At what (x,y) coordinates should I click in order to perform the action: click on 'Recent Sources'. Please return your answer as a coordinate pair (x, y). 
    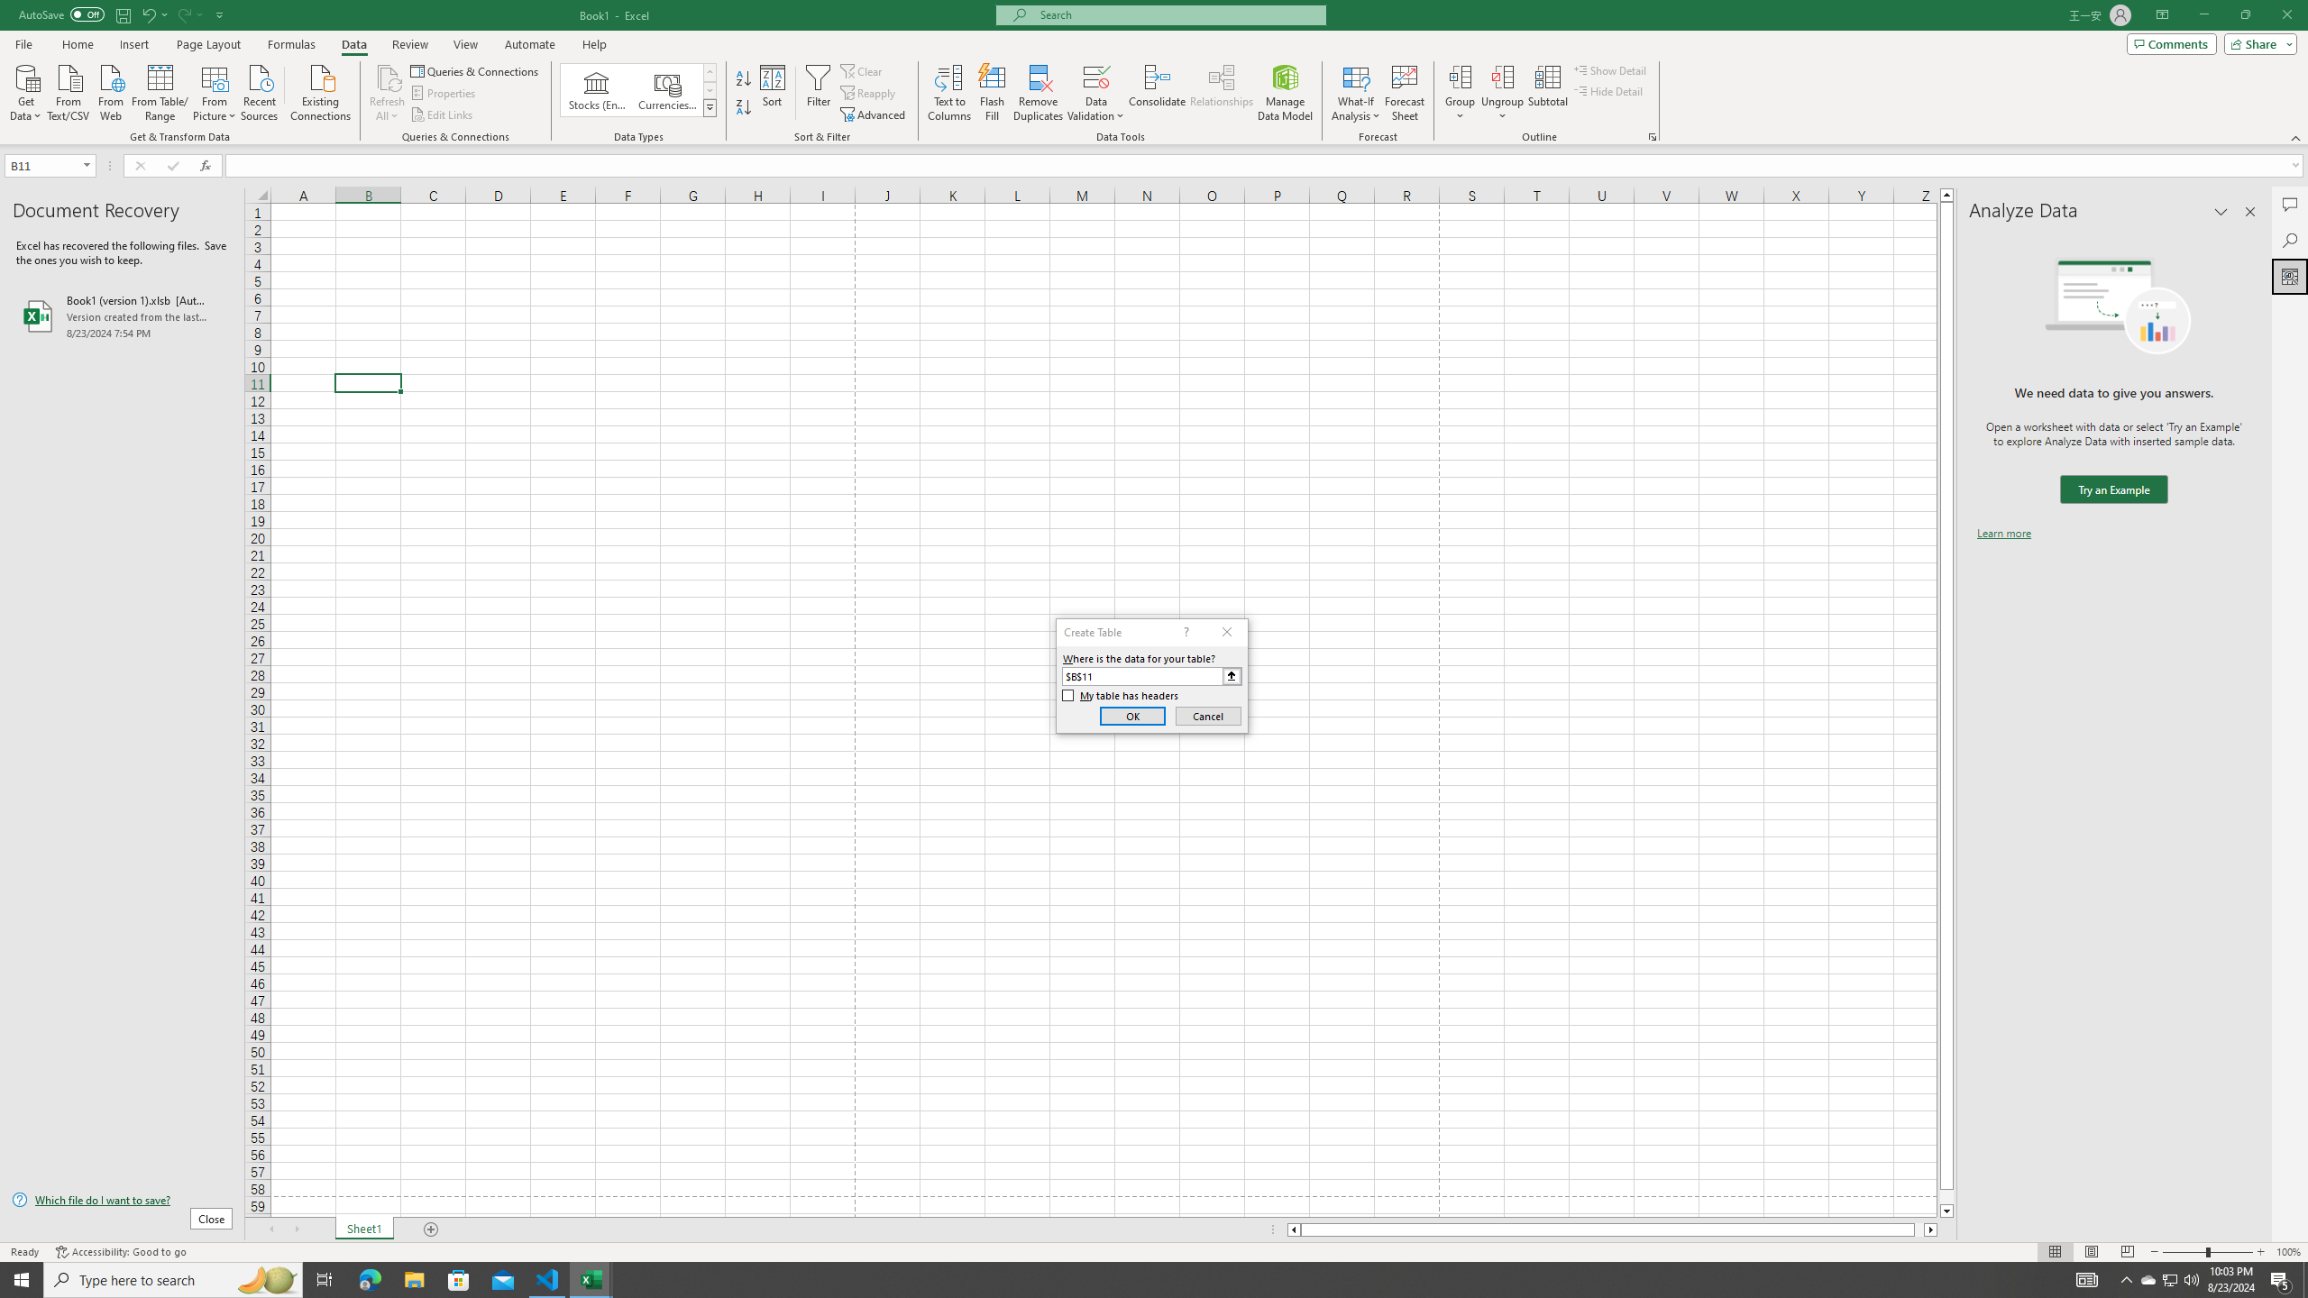
    Looking at the image, I should click on (260, 90).